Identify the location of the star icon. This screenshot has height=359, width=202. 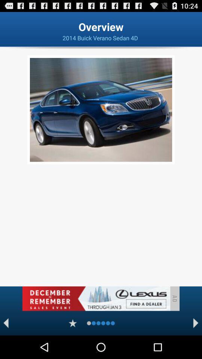
(73, 346).